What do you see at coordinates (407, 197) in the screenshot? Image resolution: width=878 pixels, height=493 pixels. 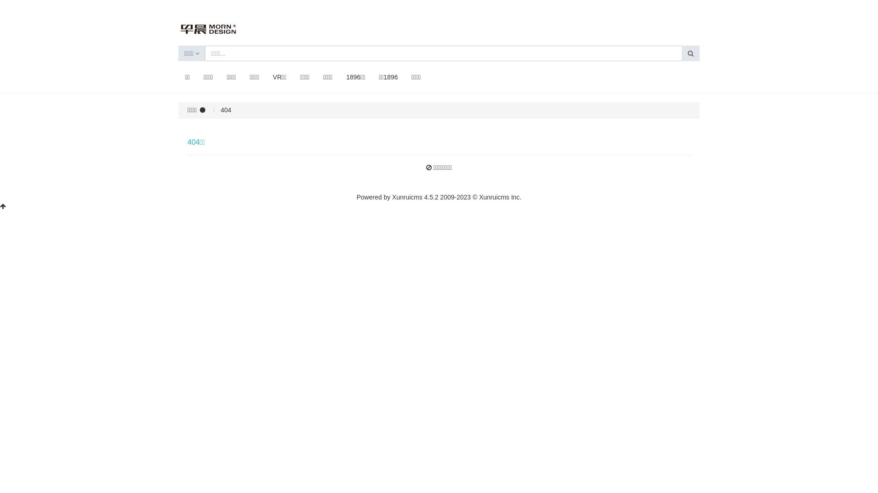 I see `'Xunruicms'` at bounding box center [407, 197].